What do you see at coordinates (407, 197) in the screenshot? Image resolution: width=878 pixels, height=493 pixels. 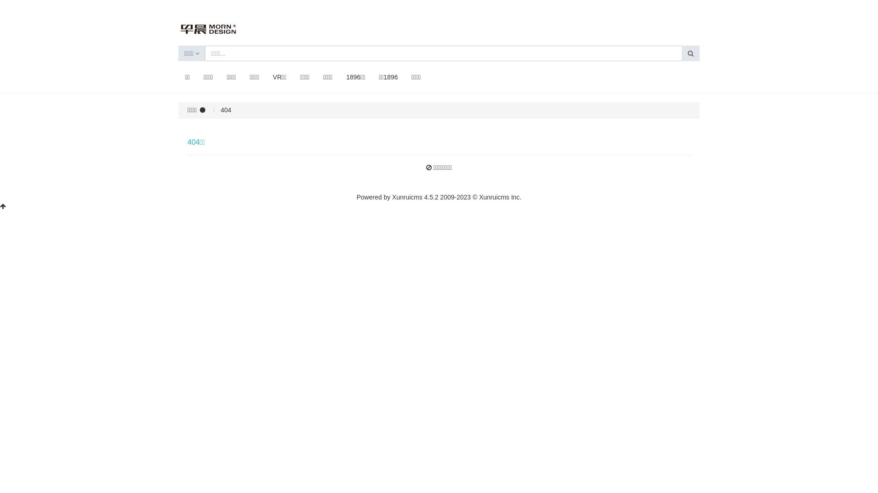 I see `'Xunruicms'` at bounding box center [407, 197].